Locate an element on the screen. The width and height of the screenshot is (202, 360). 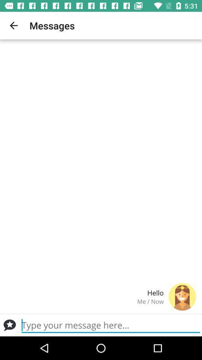
the item above hello item is located at coordinates (13, 25).